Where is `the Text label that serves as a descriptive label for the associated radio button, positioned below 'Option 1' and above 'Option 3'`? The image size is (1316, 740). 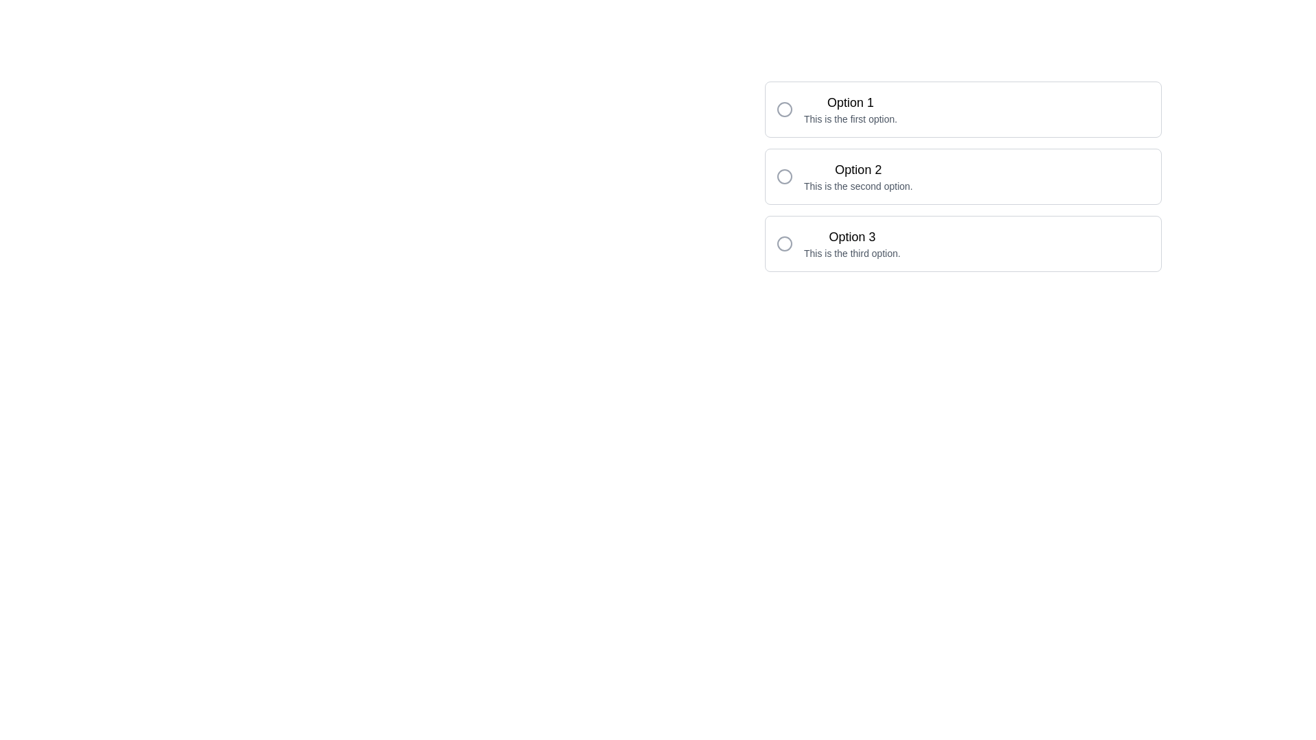
the Text label that serves as a descriptive label for the associated radio button, positioned below 'Option 1' and above 'Option 3' is located at coordinates (857, 169).